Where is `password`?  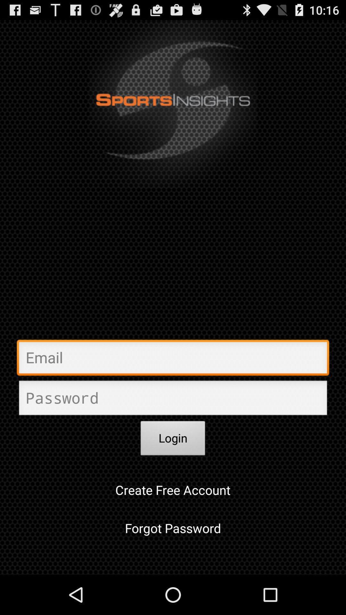 password is located at coordinates (173, 399).